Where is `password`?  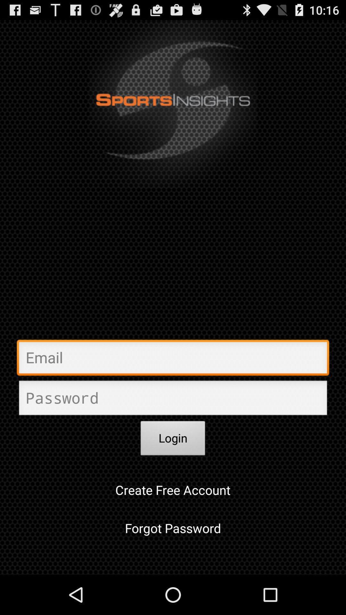 password is located at coordinates (173, 399).